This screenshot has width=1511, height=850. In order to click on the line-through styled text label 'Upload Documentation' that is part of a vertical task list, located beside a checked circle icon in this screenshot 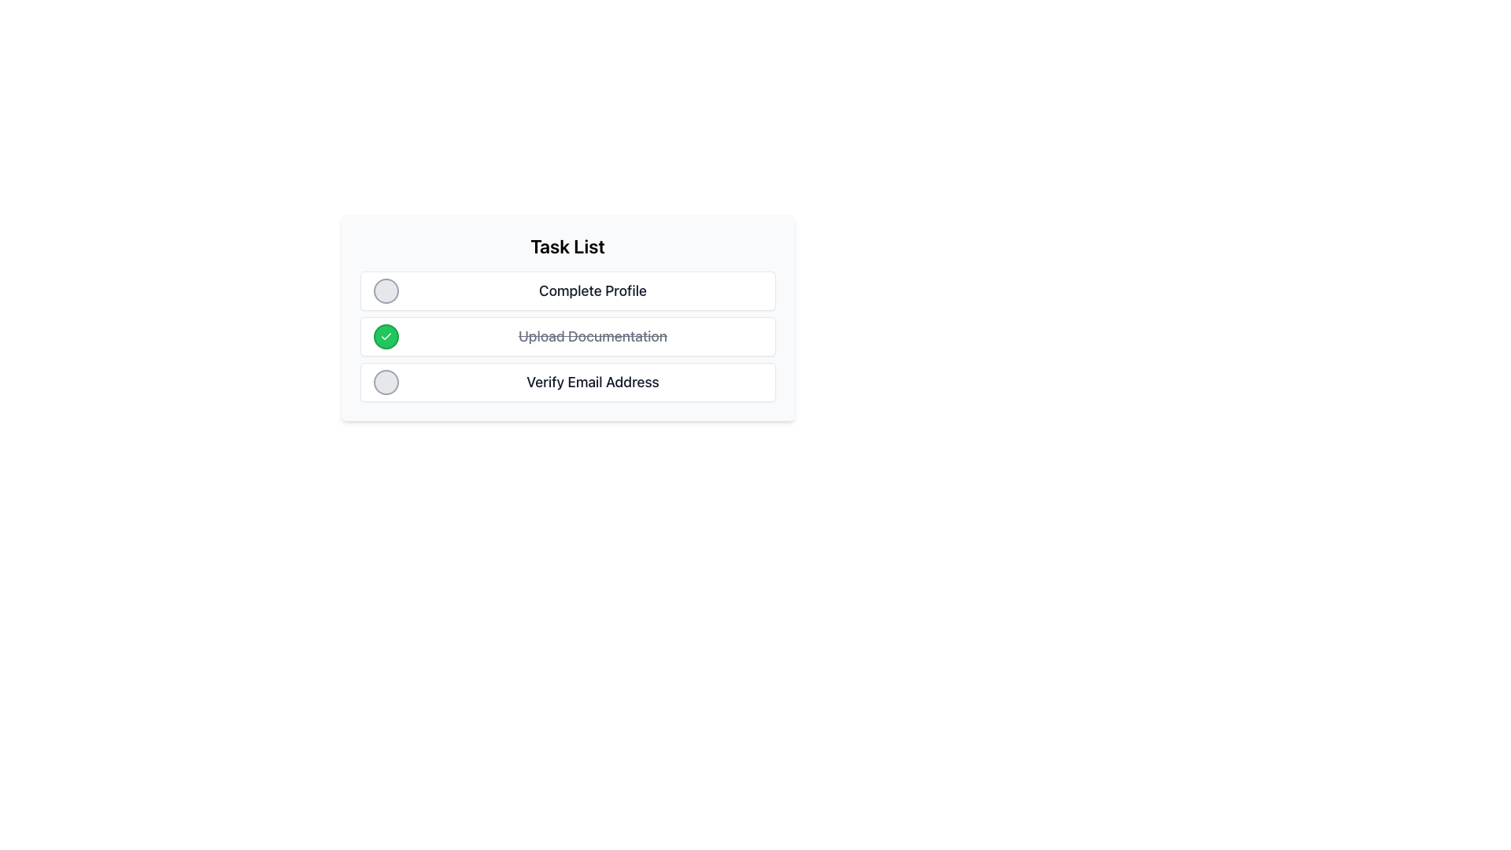, I will do `click(592, 336)`.